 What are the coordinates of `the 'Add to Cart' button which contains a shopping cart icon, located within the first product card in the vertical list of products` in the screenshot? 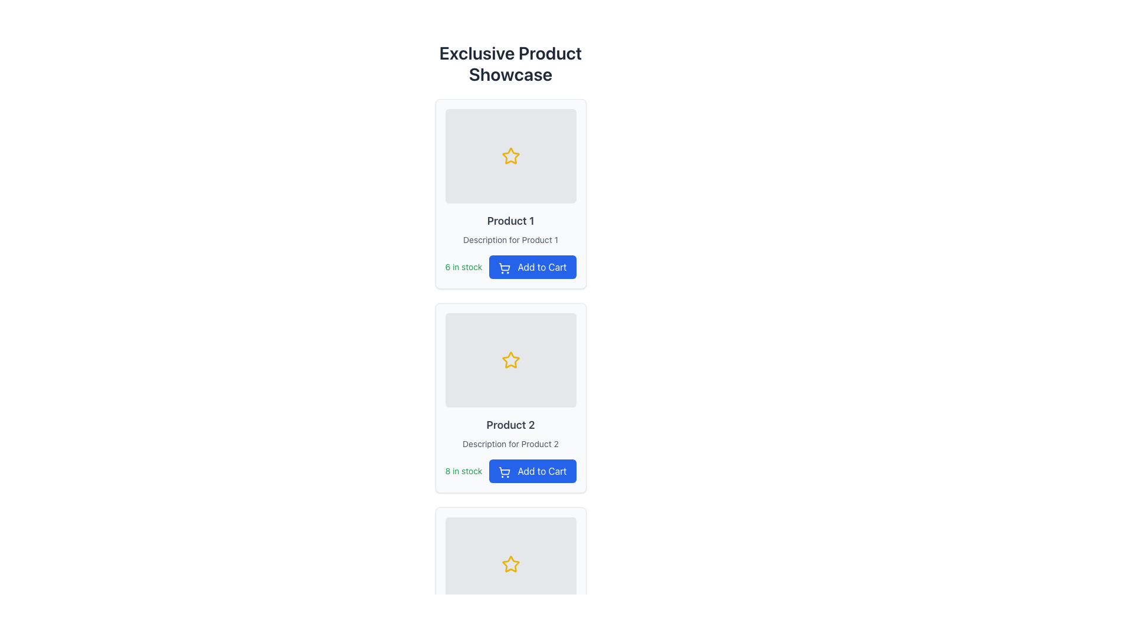 It's located at (505, 268).